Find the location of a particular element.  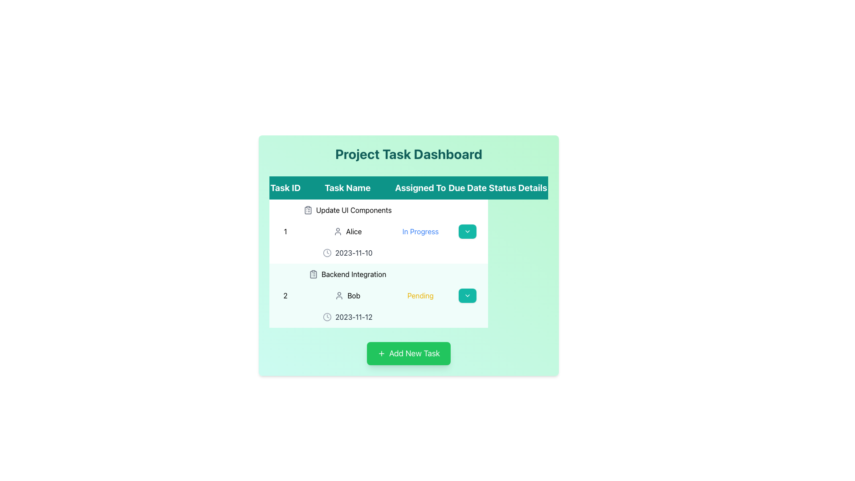

the 'Pending' text label in yellow font located in the 'Status' column of the second row under 'Backend Integration' is located at coordinates (420, 295).